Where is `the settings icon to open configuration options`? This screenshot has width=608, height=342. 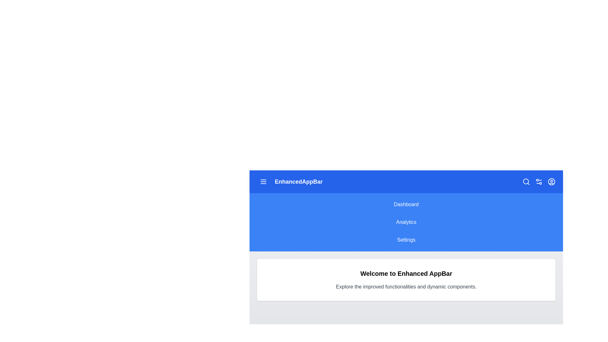 the settings icon to open configuration options is located at coordinates (539, 182).